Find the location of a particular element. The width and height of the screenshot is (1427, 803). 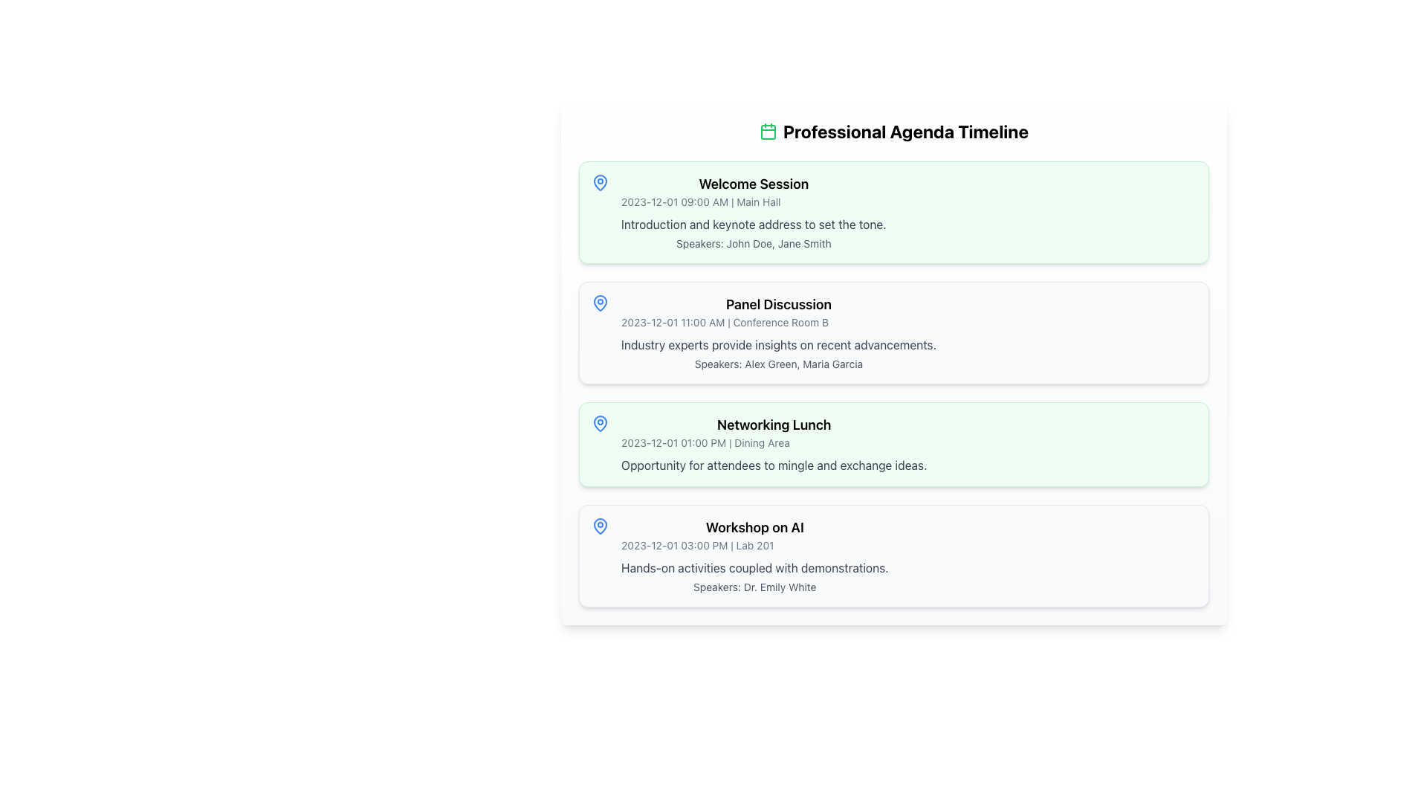

the Informational Section about the scheduled workshop, which is the fourth item in the agenda list, located below the 'Networking Lunch' section is located at coordinates (893, 556).